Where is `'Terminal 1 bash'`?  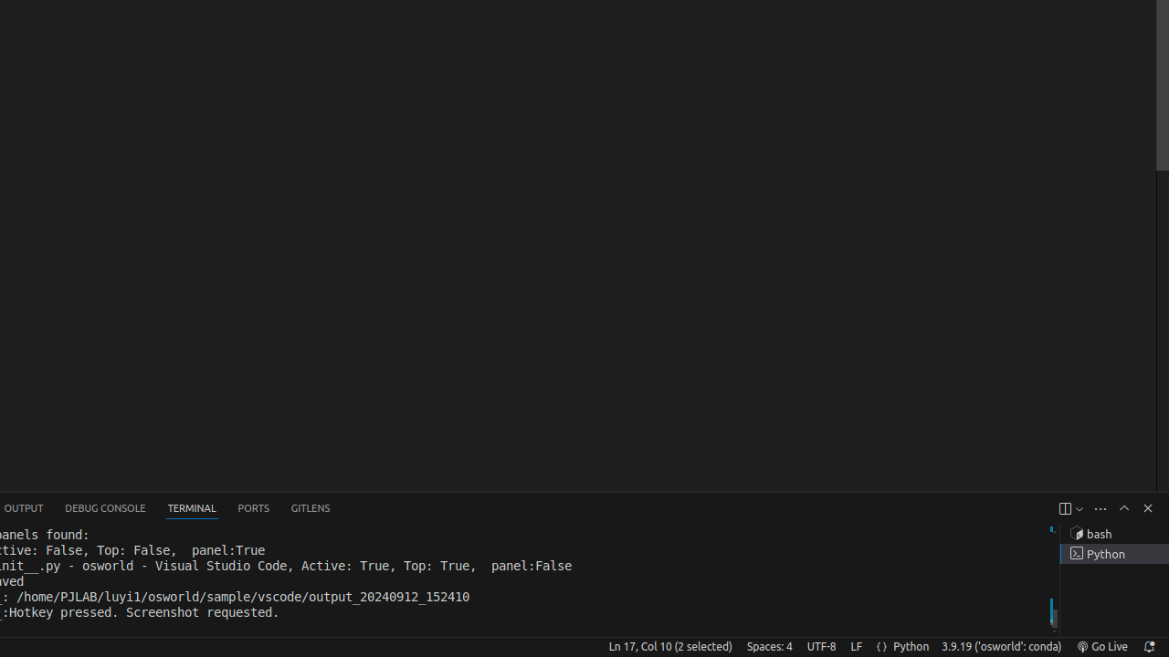
'Terminal 1 bash' is located at coordinates (1113, 534).